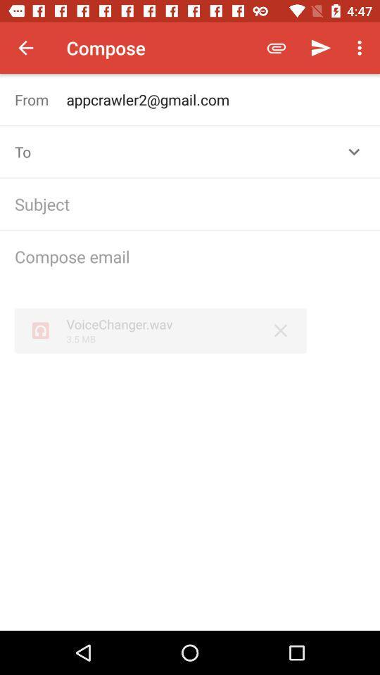 Image resolution: width=380 pixels, height=675 pixels. Describe the element at coordinates (277, 48) in the screenshot. I see `the icon to the right of compose item` at that location.